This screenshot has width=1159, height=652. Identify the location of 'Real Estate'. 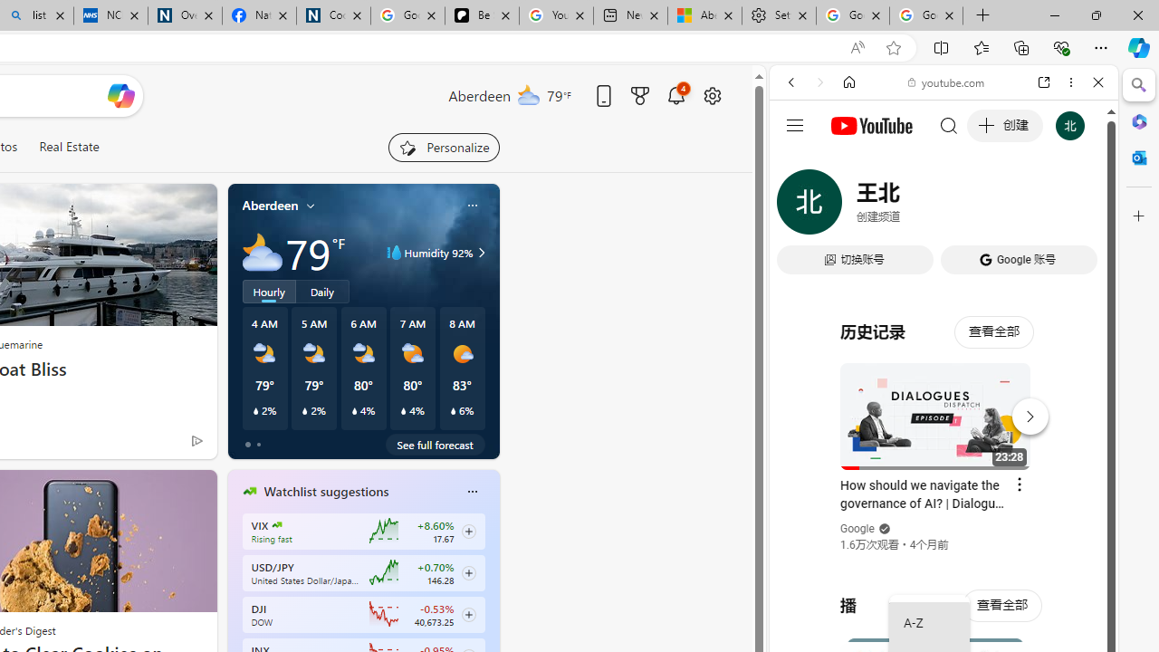
(69, 146).